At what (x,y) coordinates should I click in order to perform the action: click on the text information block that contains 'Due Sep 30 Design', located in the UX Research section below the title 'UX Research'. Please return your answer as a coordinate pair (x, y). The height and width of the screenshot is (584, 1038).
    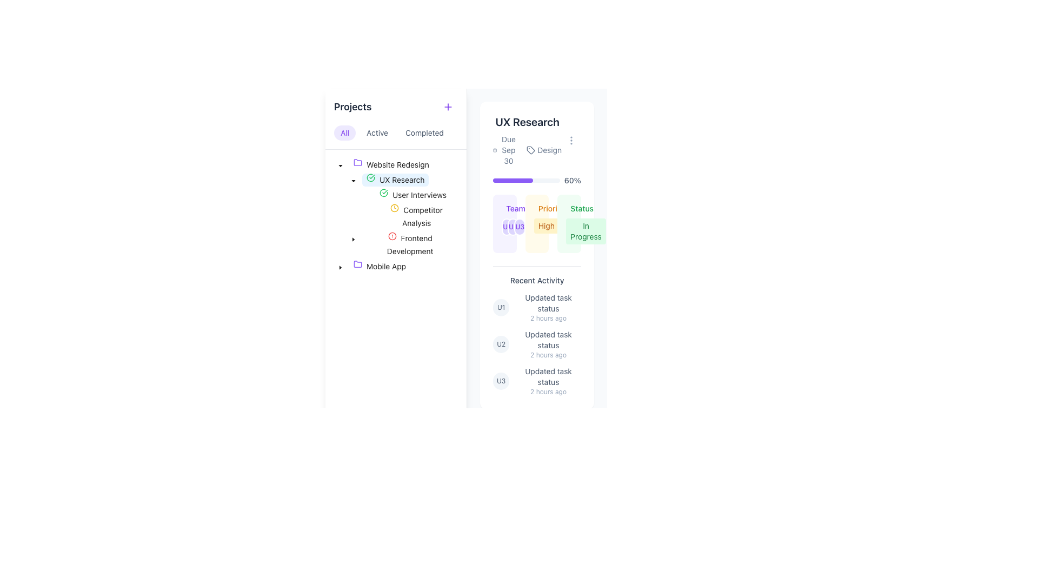
    Looking at the image, I should click on (527, 150).